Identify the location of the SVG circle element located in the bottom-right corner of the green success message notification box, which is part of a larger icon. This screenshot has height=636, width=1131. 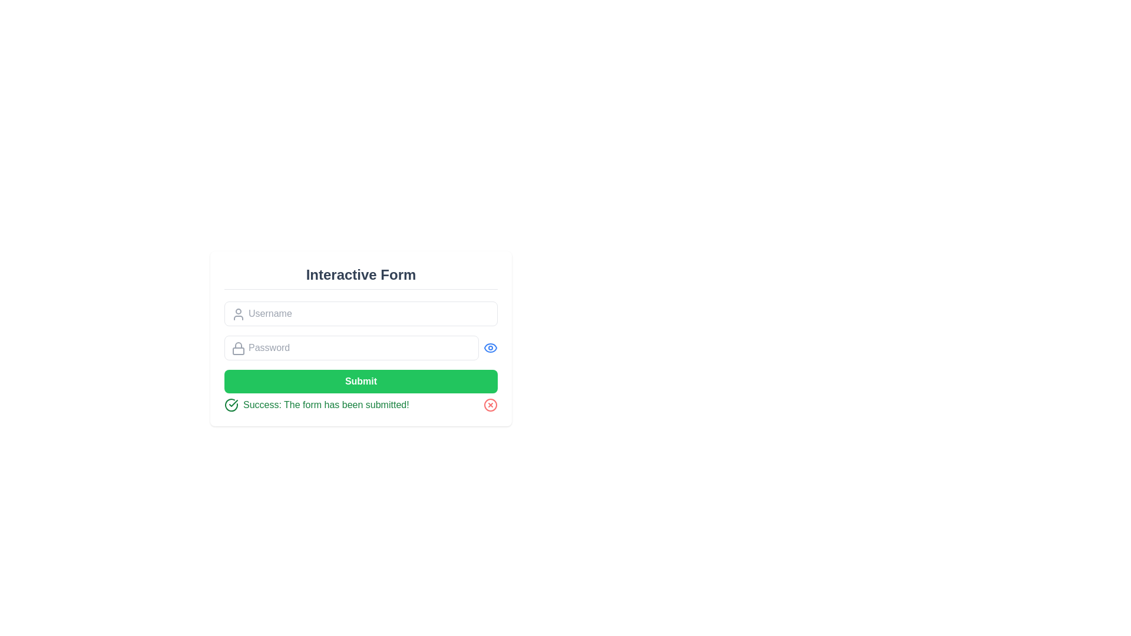
(491, 404).